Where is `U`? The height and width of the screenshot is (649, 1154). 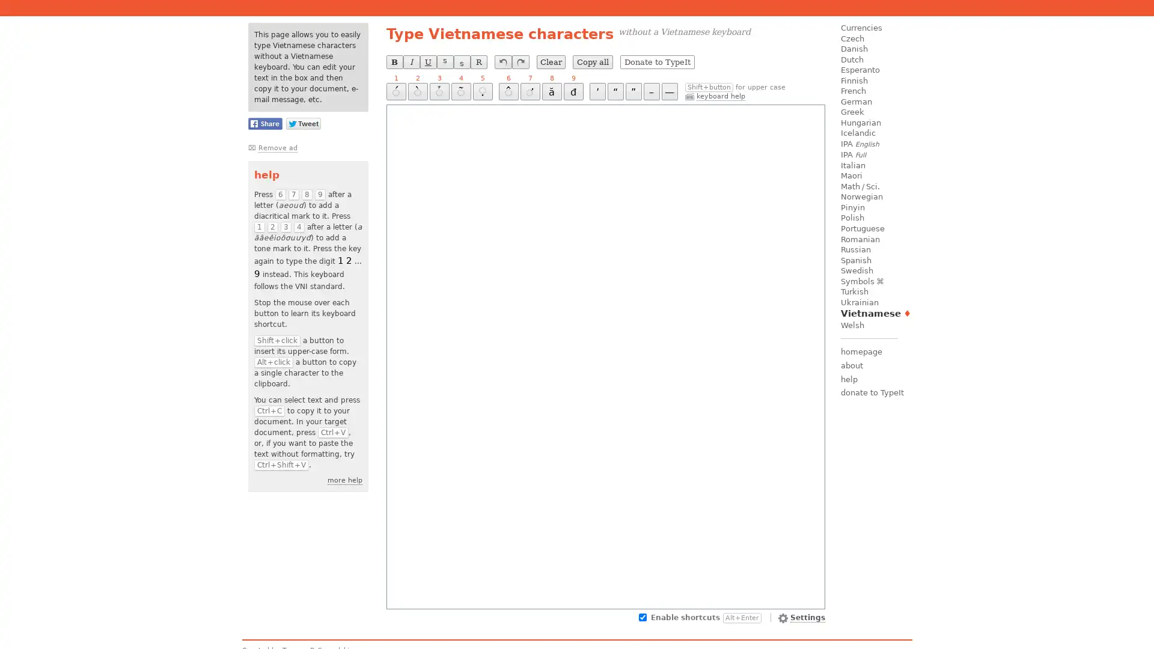
U is located at coordinates (427, 62).